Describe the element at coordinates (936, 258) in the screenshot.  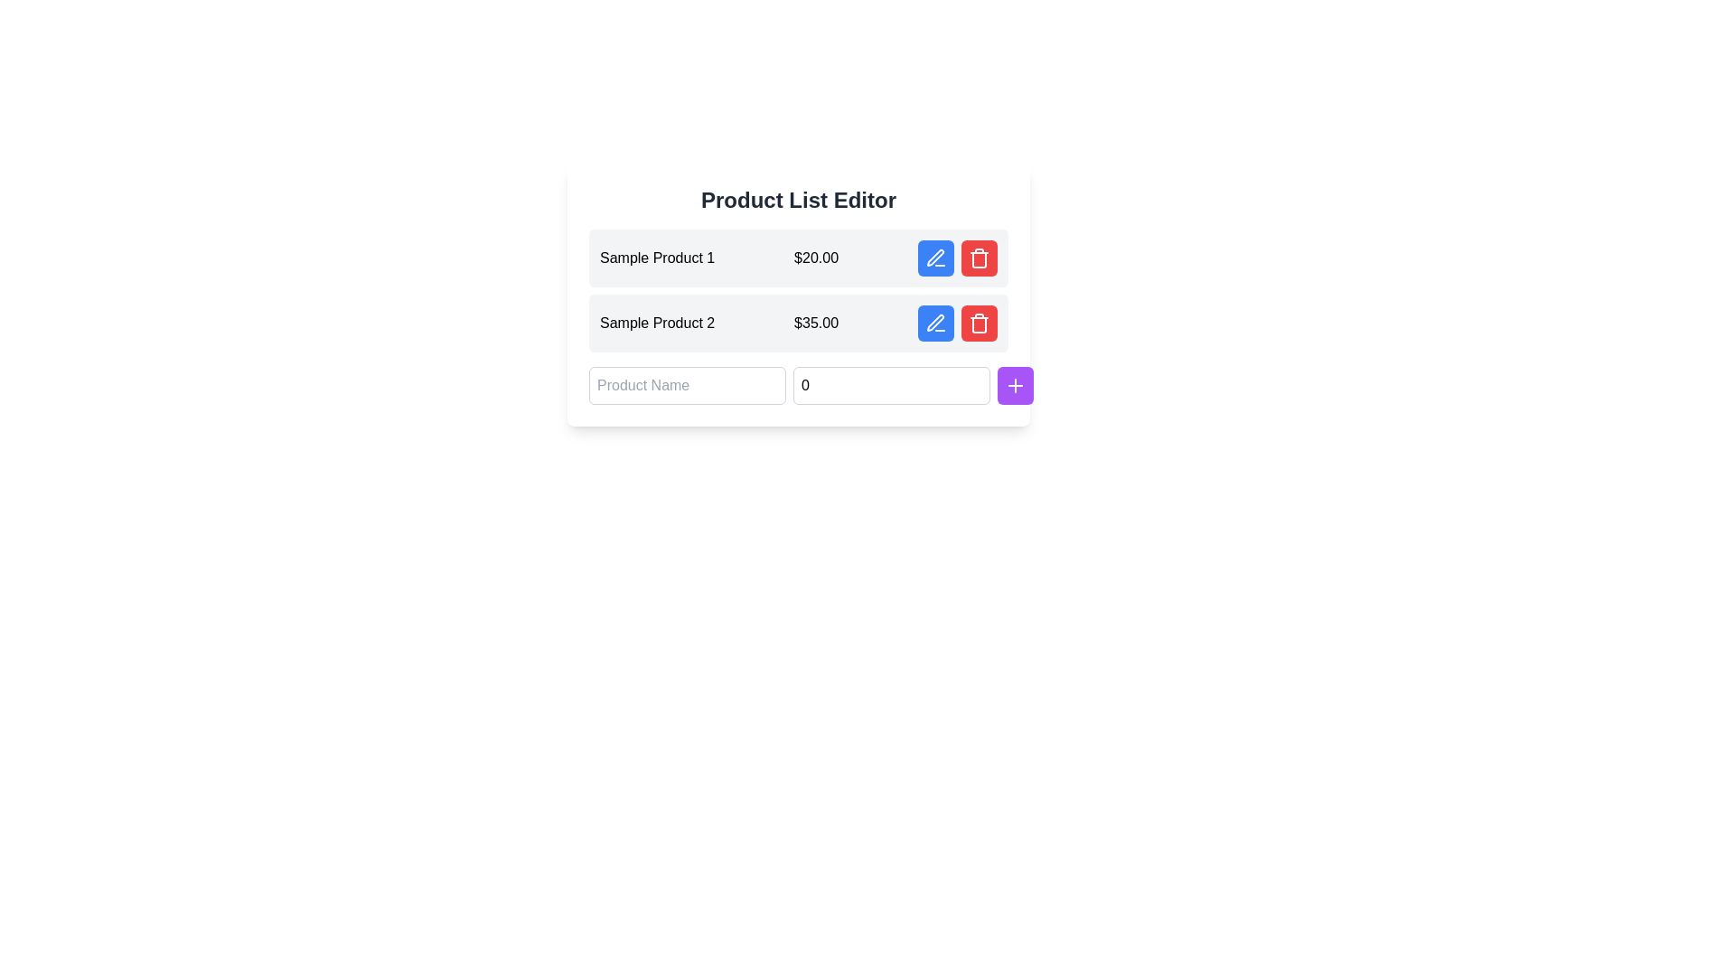
I see `the edit action button for 'Sample Product 1' in the product list table` at that location.